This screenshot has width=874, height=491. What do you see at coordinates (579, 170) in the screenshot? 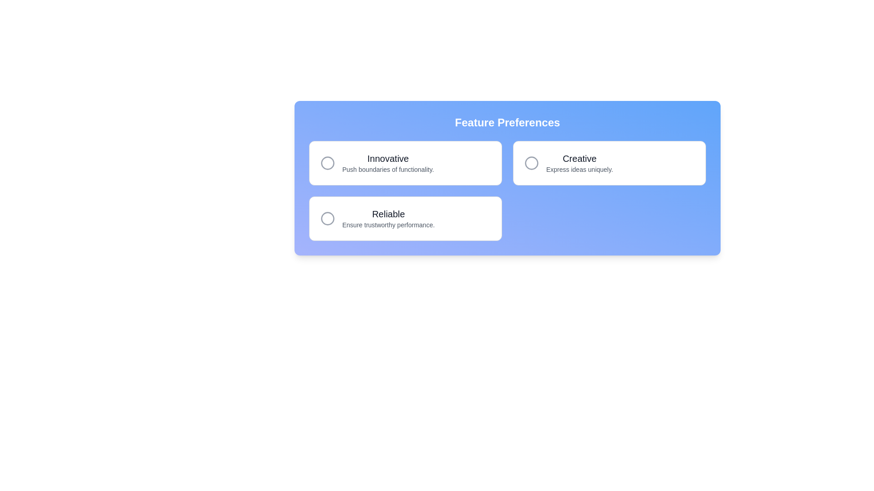
I see `static text label displaying 'Express ideas uniquely.' located below the heading 'Creative' in the top-right section of the 'Feature Preferences' area` at bounding box center [579, 170].